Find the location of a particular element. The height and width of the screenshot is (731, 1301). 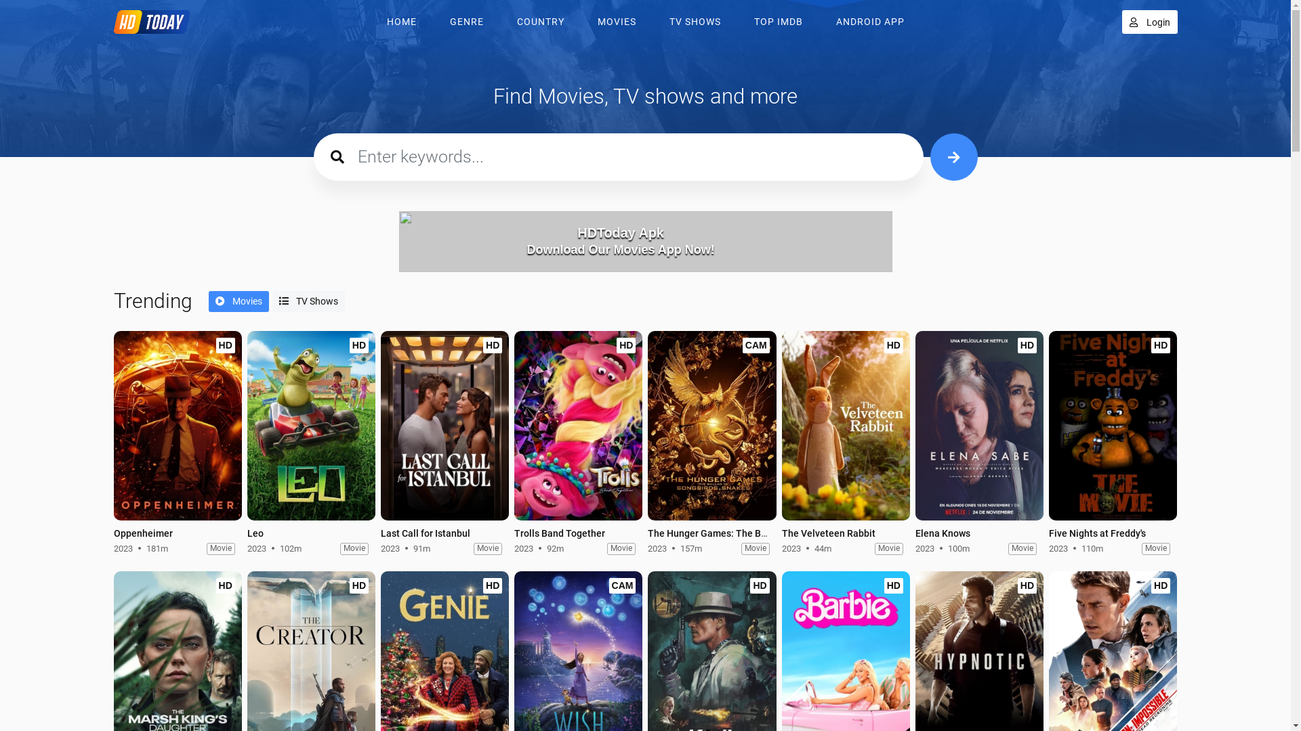

'Oppenheimer' is located at coordinates (114, 424).